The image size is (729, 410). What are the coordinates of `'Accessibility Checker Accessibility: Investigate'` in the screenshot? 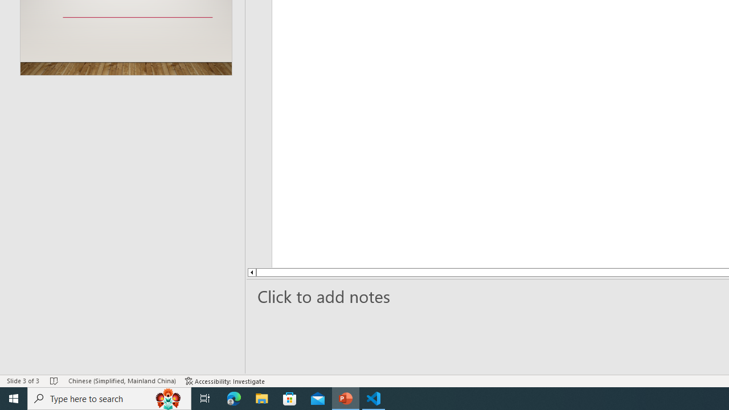 It's located at (225, 381).